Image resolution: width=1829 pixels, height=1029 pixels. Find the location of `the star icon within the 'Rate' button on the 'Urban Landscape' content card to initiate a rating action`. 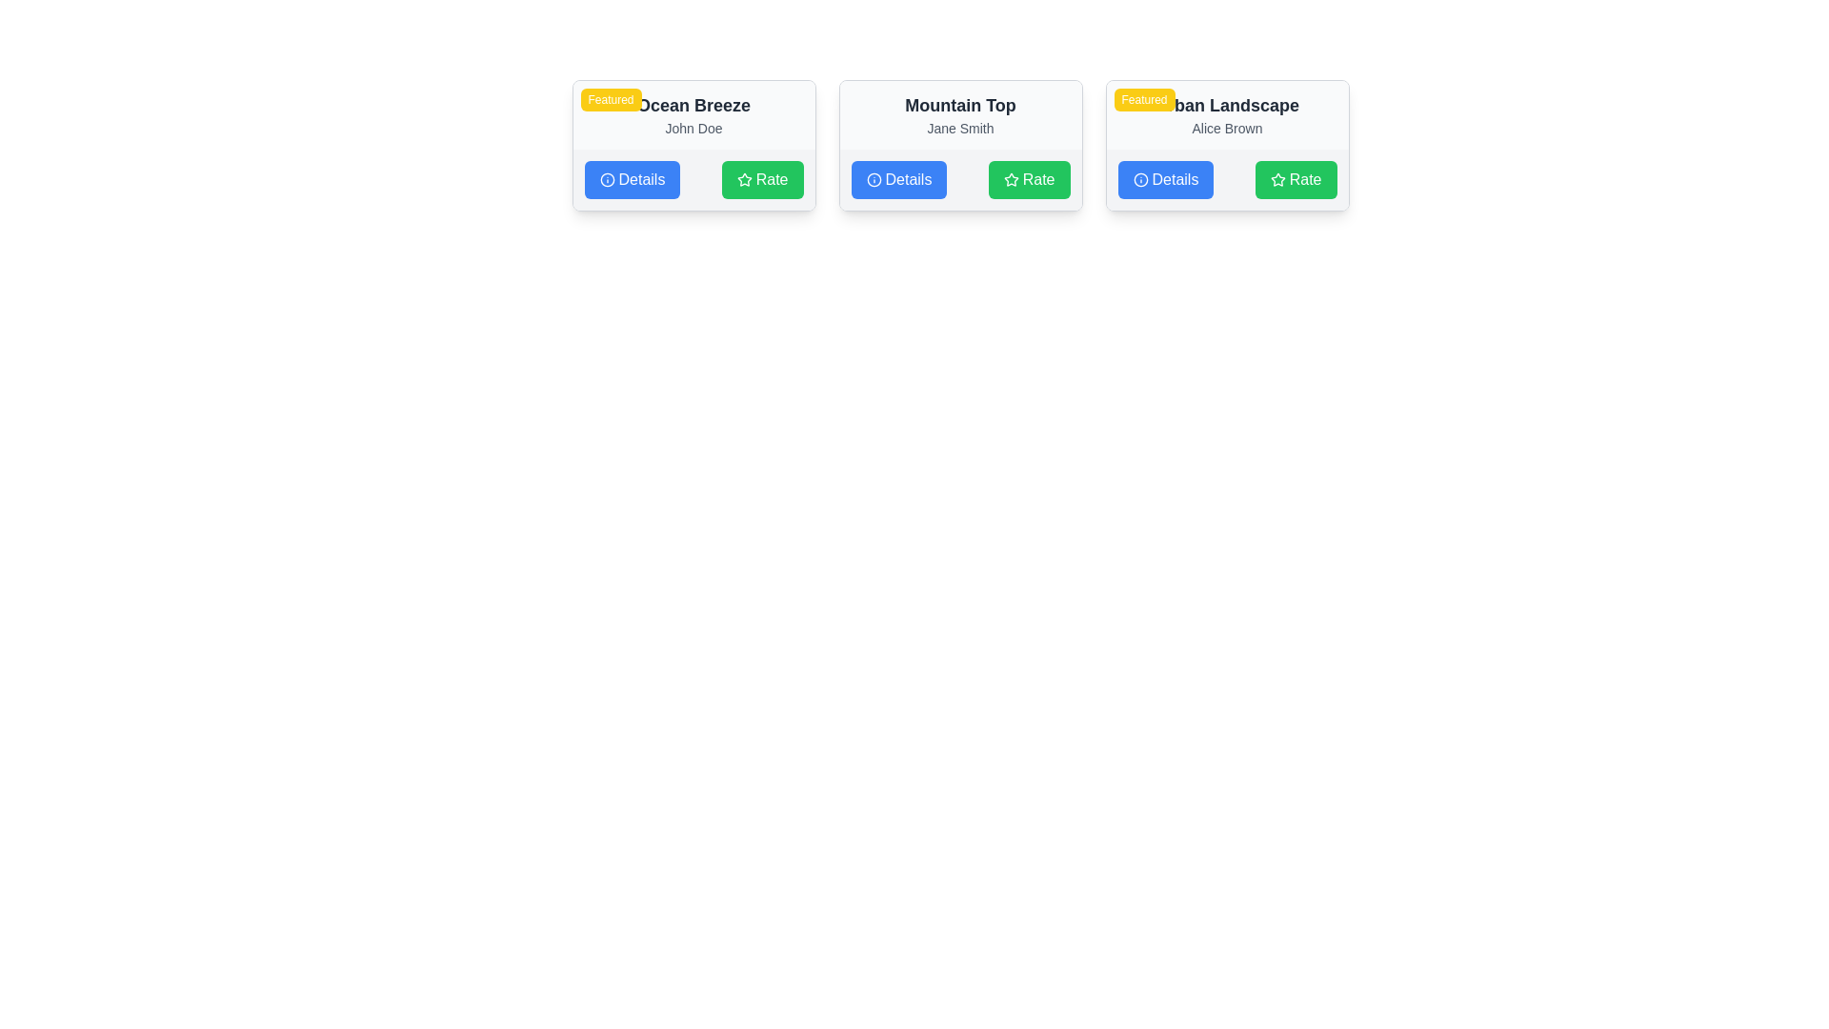

the star icon within the 'Rate' button on the 'Urban Landscape' content card to initiate a rating action is located at coordinates (1277, 179).